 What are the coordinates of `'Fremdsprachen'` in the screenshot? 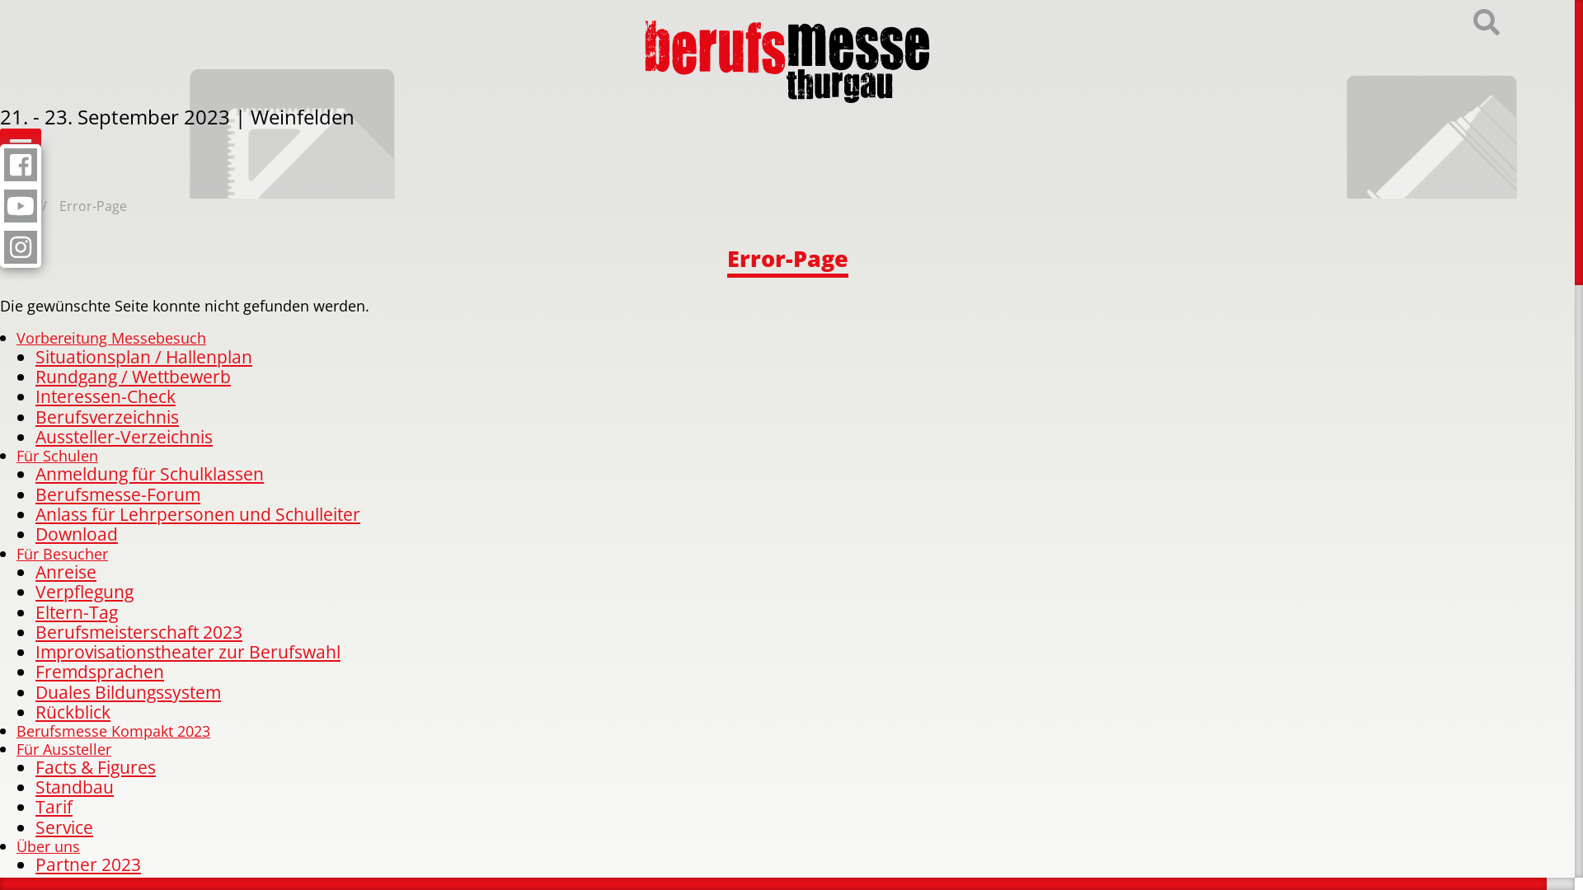 It's located at (98, 671).